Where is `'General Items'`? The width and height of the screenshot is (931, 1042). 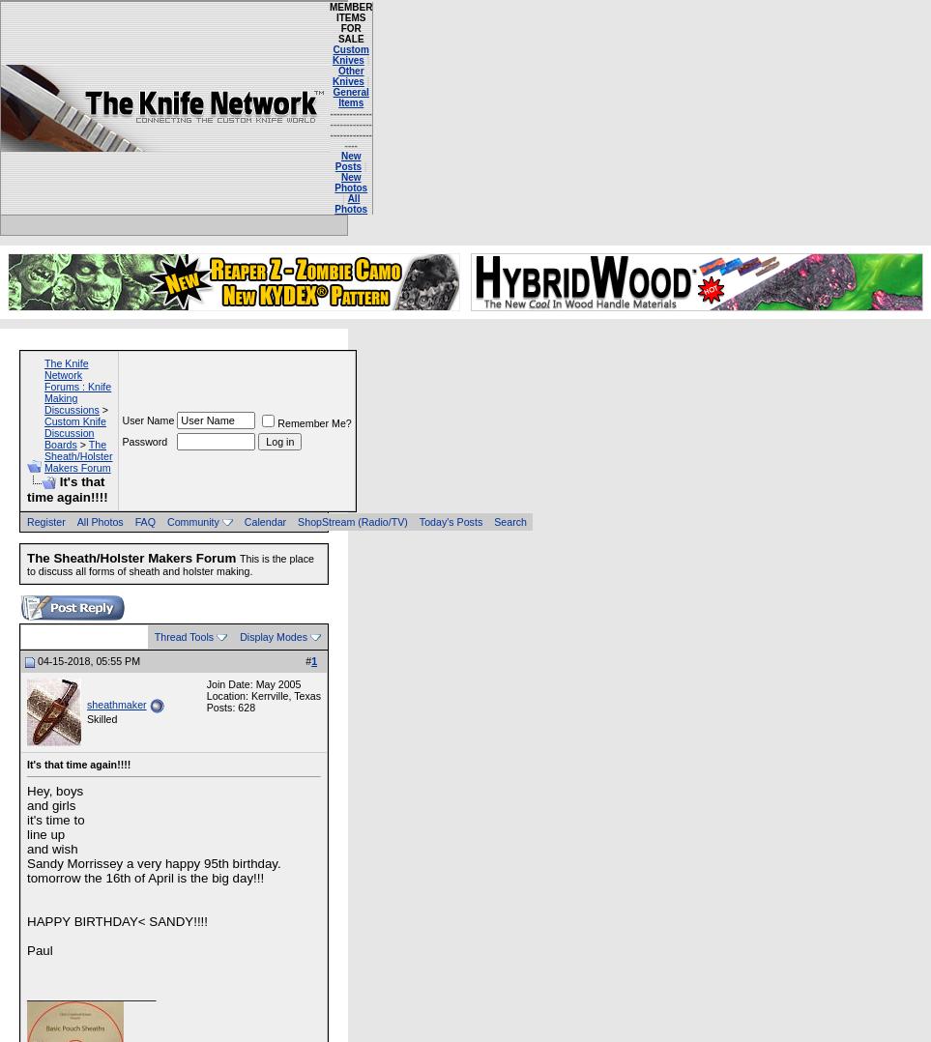
'General Items' is located at coordinates (349, 97).